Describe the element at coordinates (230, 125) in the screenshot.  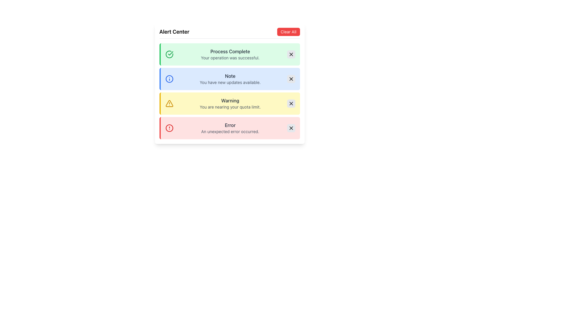
I see `the 'Error' text label which is styled in bold, medium-sized dark gray font within a highlighted red rectangle, indicating an alert or warning` at that location.